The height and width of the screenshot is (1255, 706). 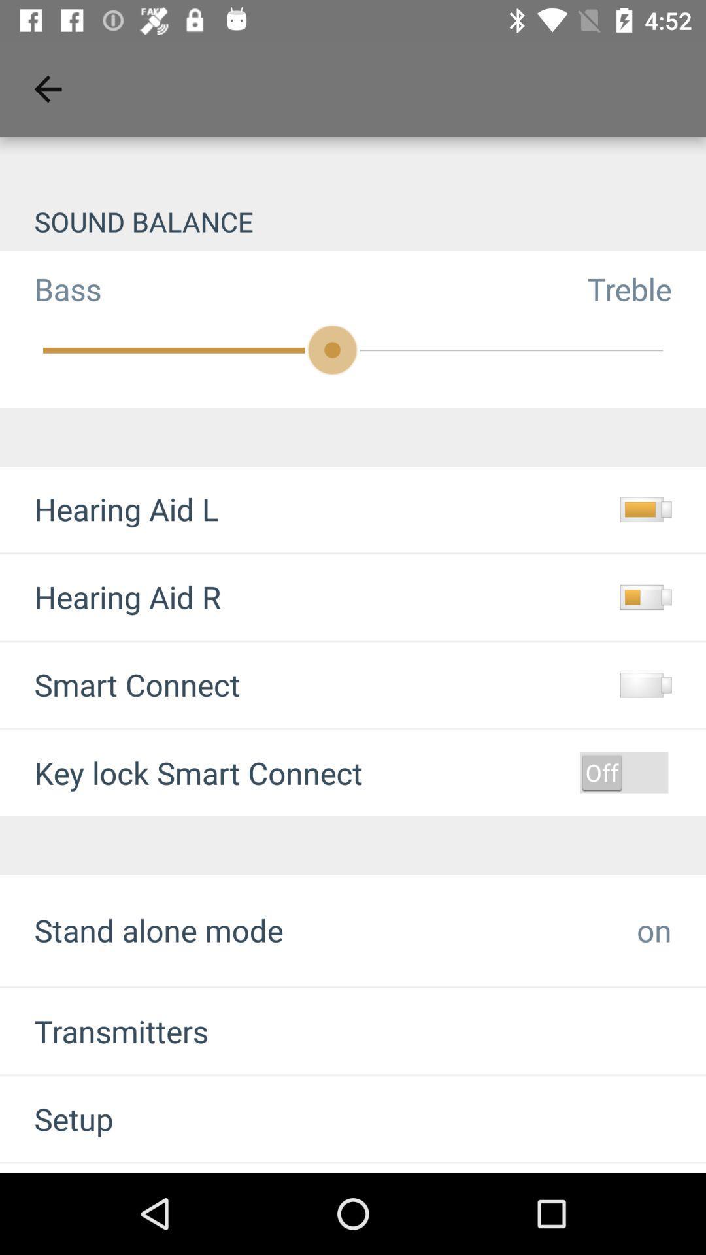 What do you see at coordinates (646, 288) in the screenshot?
I see `the icon to the right of bass` at bounding box center [646, 288].